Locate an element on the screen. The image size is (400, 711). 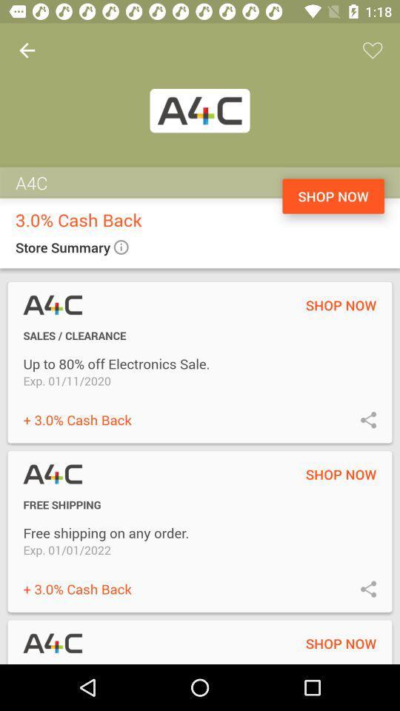
share is located at coordinates (367, 589).